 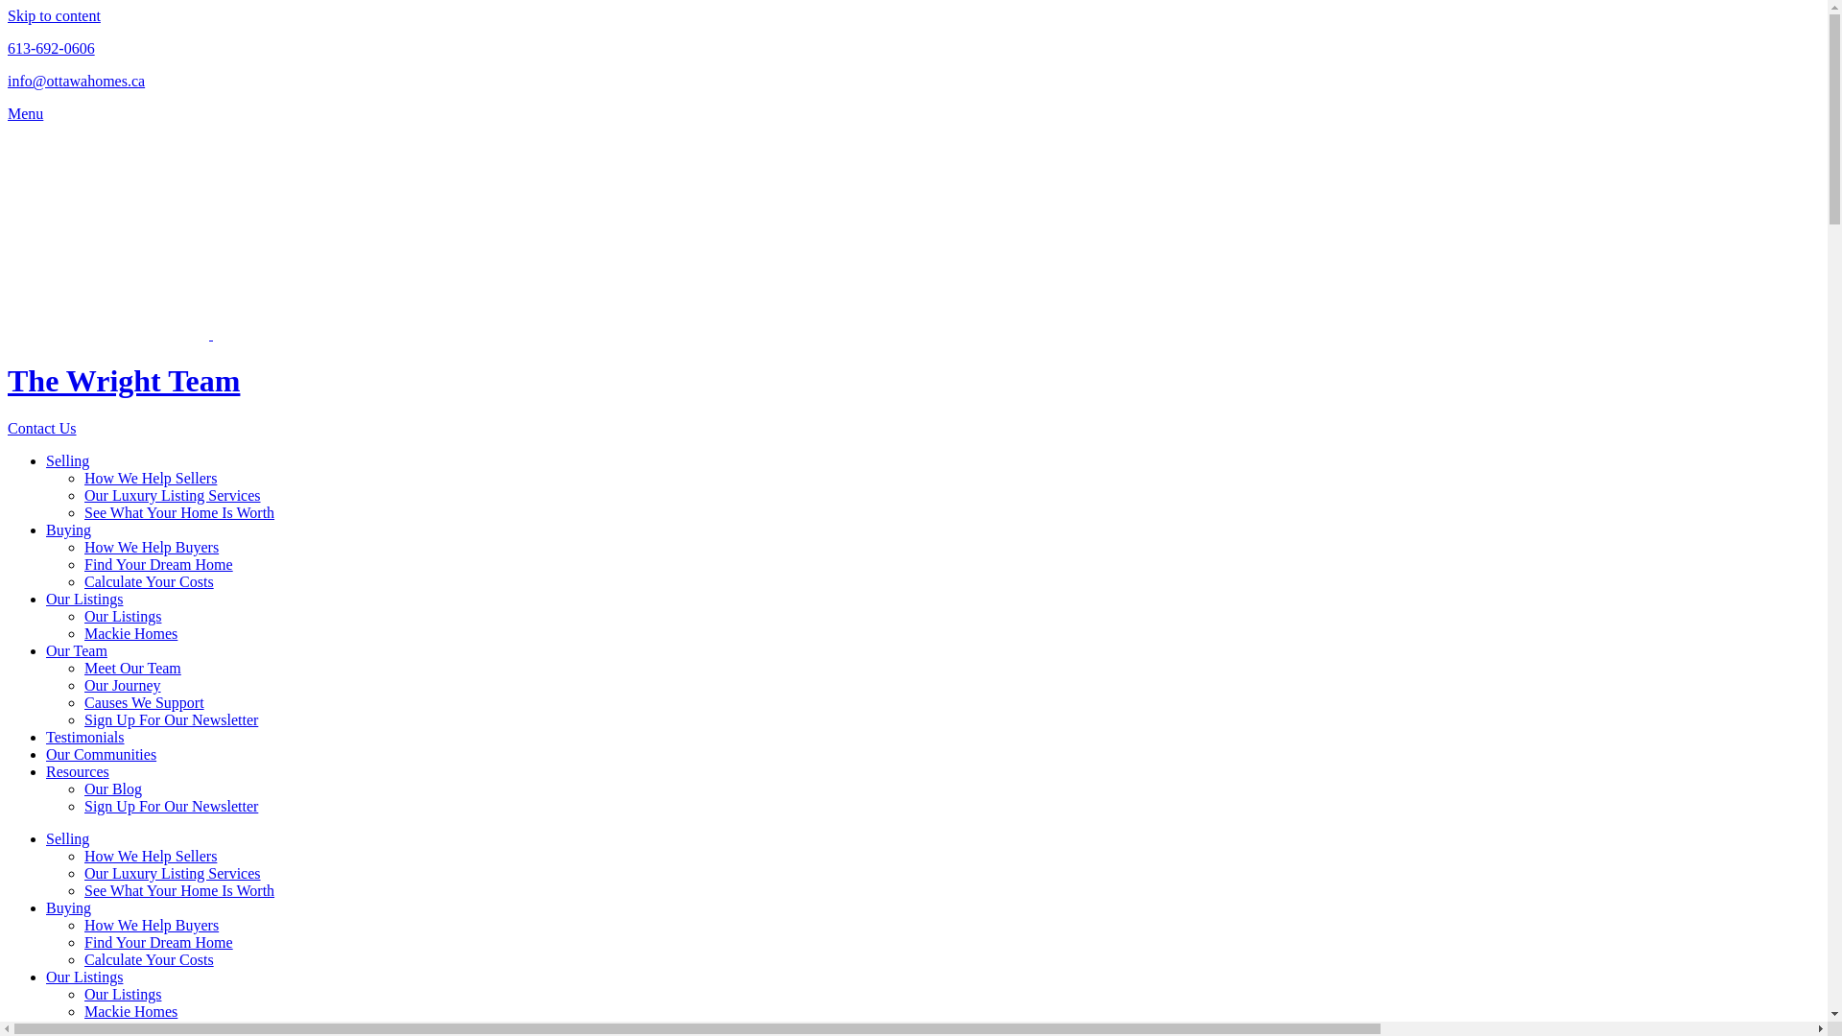 I want to click on 'Buying', so click(x=68, y=530).